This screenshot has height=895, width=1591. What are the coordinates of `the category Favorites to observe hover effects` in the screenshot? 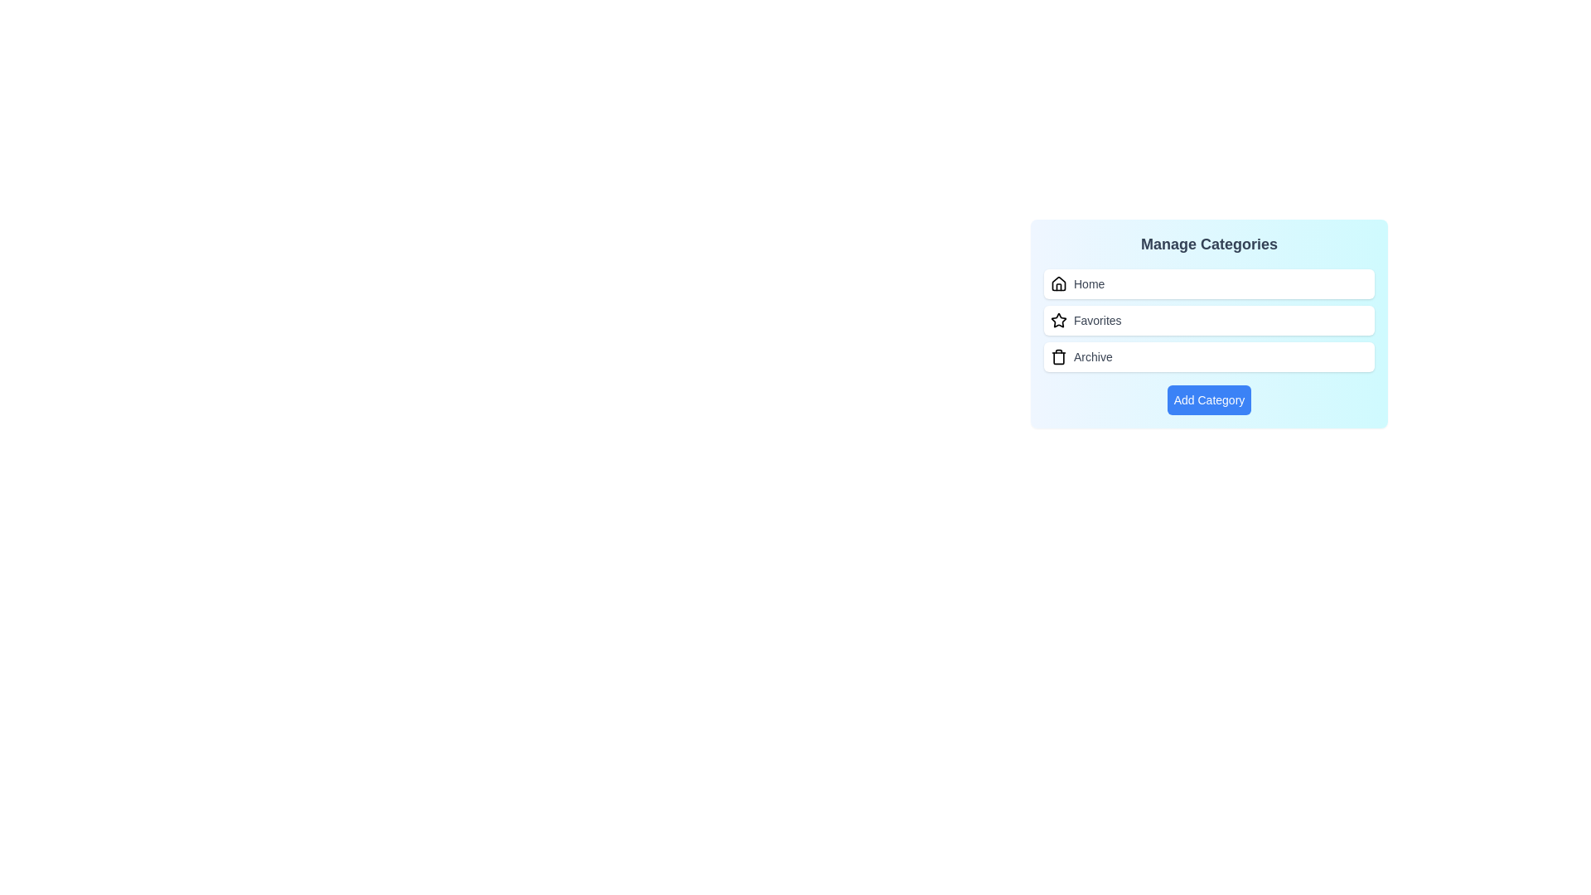 It's located at (1209, 320).